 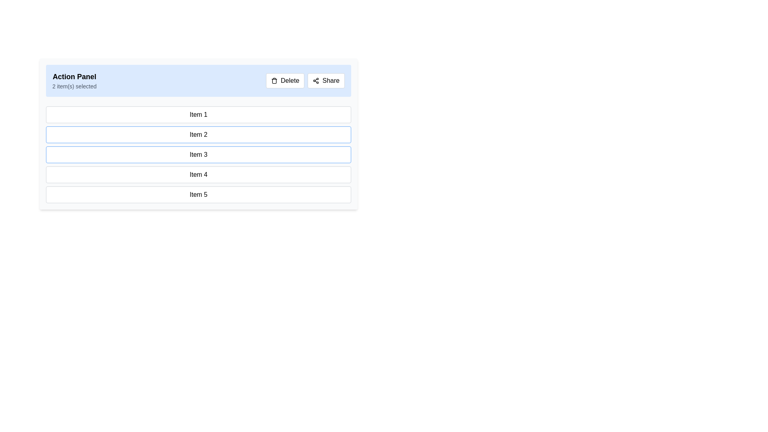 I want to click on the 'Delete' button, which has a white background with a light gray border and a trash bin icon, located, so click(x=285, y=80).